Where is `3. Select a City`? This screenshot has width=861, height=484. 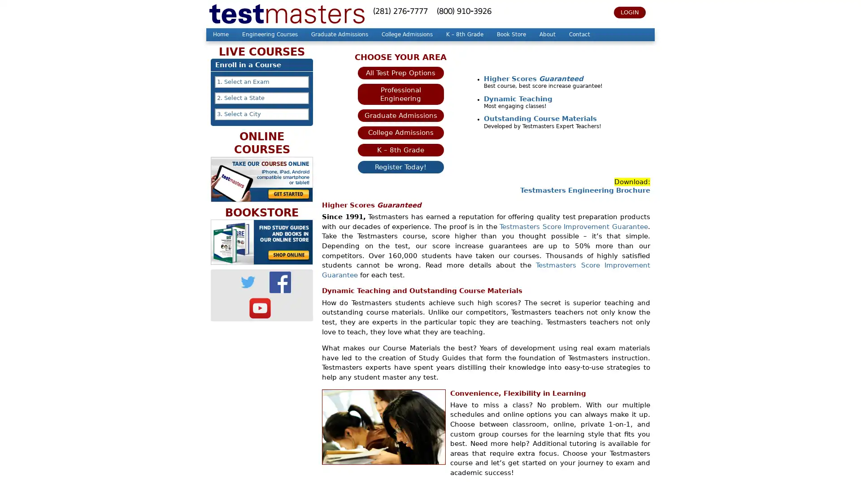
3. Select a City is located at coordinates (261, 113).